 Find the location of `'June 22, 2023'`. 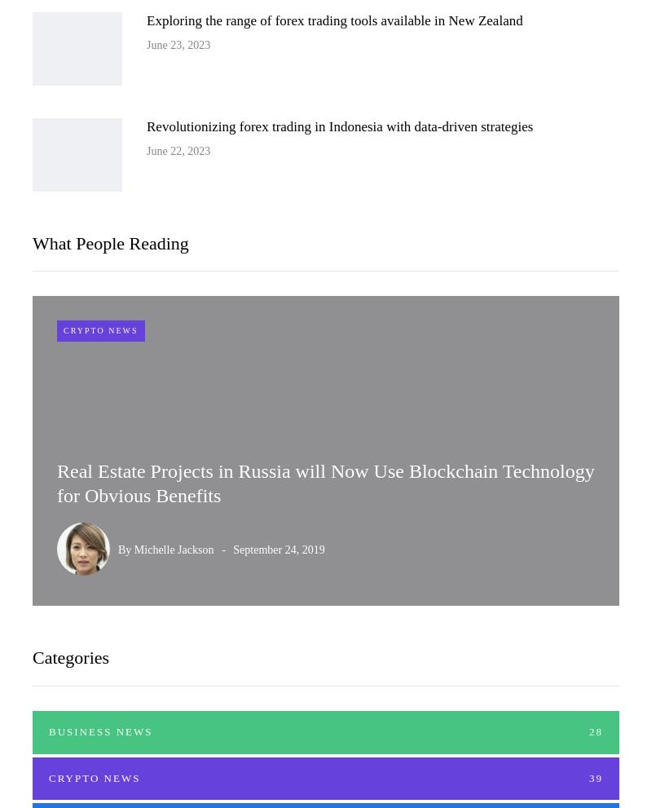

'June 22, 2023' is located at coordinates (177, 150).